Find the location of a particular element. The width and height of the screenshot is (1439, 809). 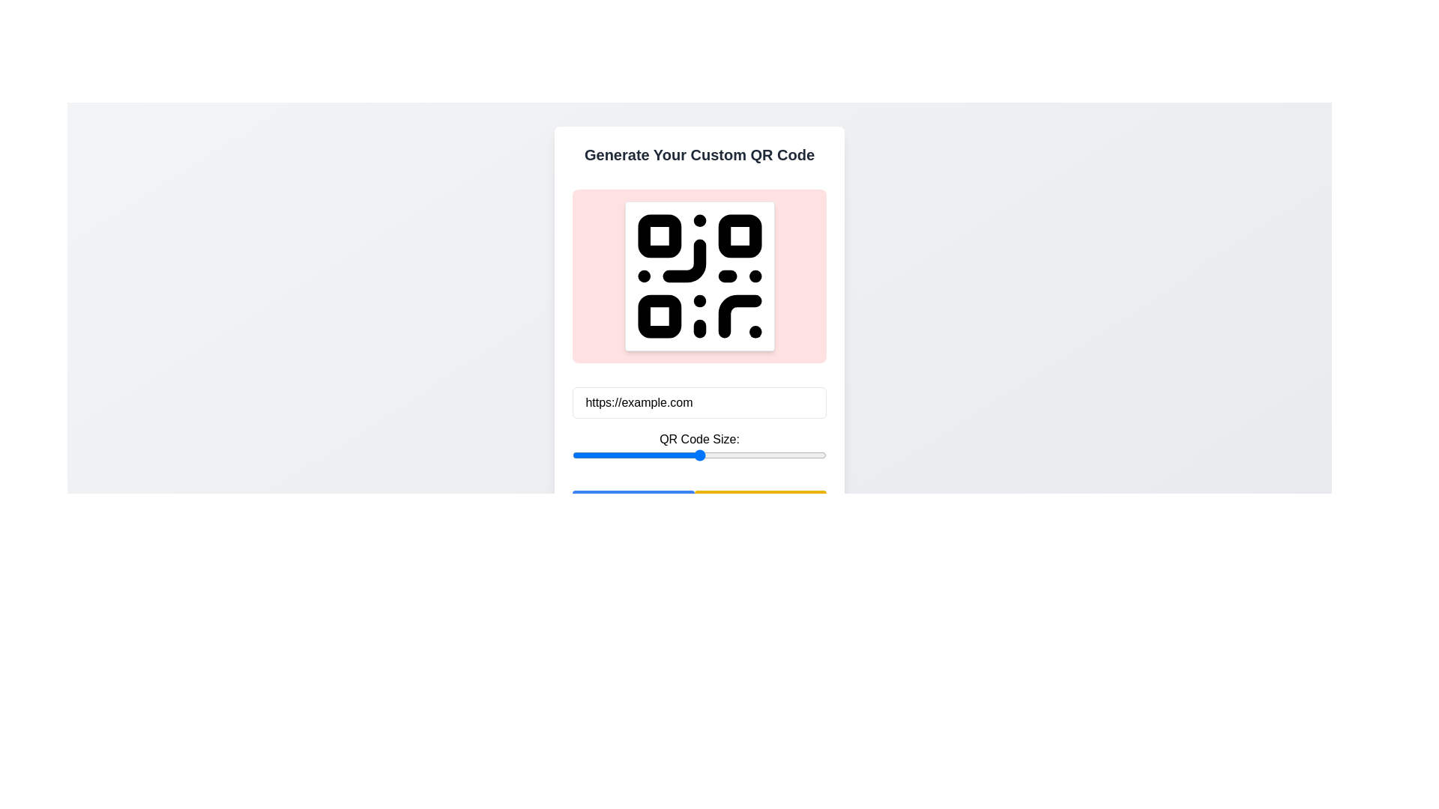

the small white rounded rectangle located near the upper-right corner within the QR code graphic is located at coordinates (740, 236).